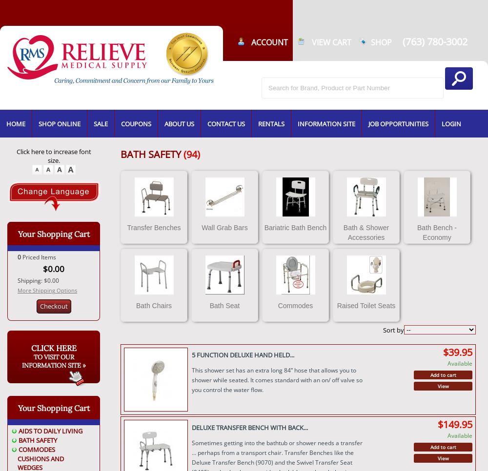  I want to click on '0', so click(20, 257).